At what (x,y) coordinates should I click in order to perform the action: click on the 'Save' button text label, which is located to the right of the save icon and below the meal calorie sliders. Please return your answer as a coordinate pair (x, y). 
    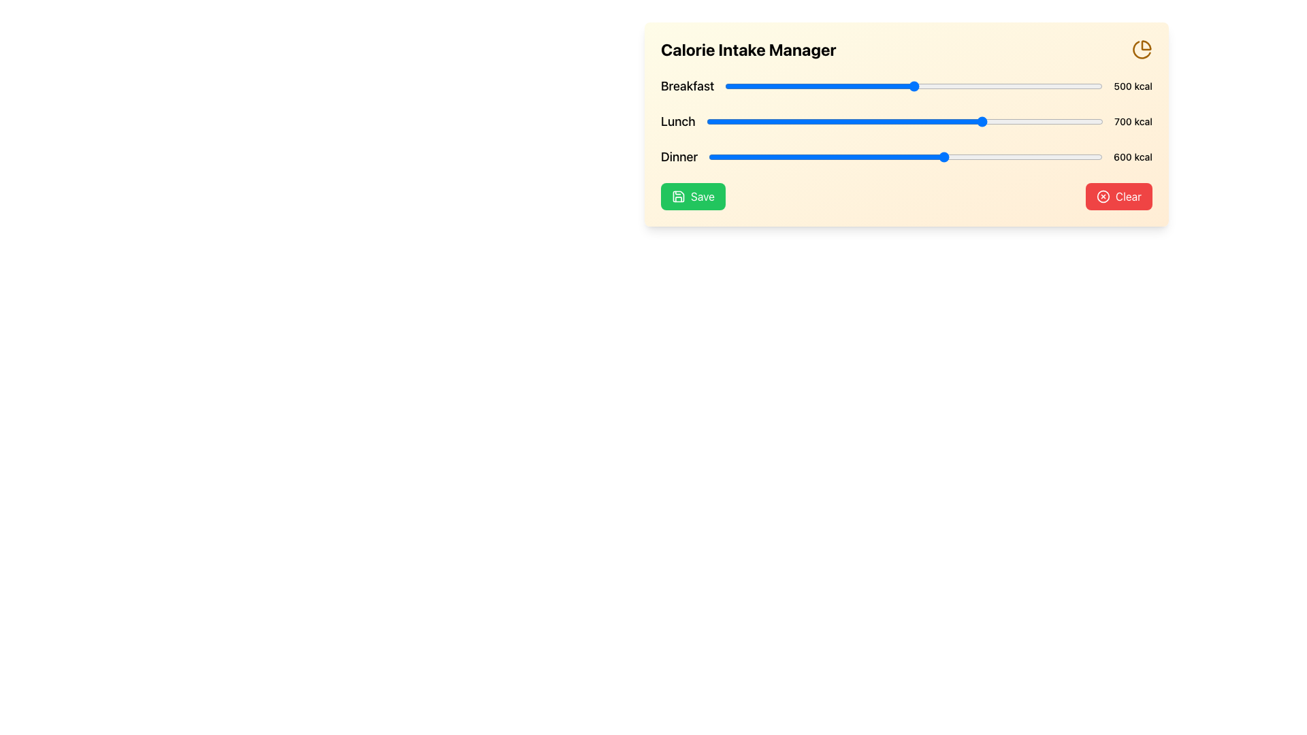
    Looking at the image, I should click on (703, 197).